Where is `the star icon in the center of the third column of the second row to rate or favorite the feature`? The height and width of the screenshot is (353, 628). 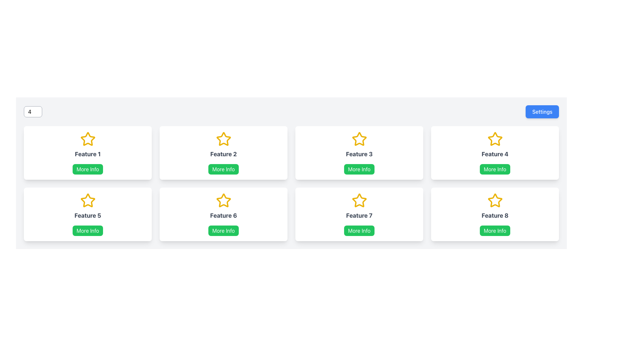
the star icon in the center of the third column of the second row to rate or favorite the feature is located at coordinates (223, 200).